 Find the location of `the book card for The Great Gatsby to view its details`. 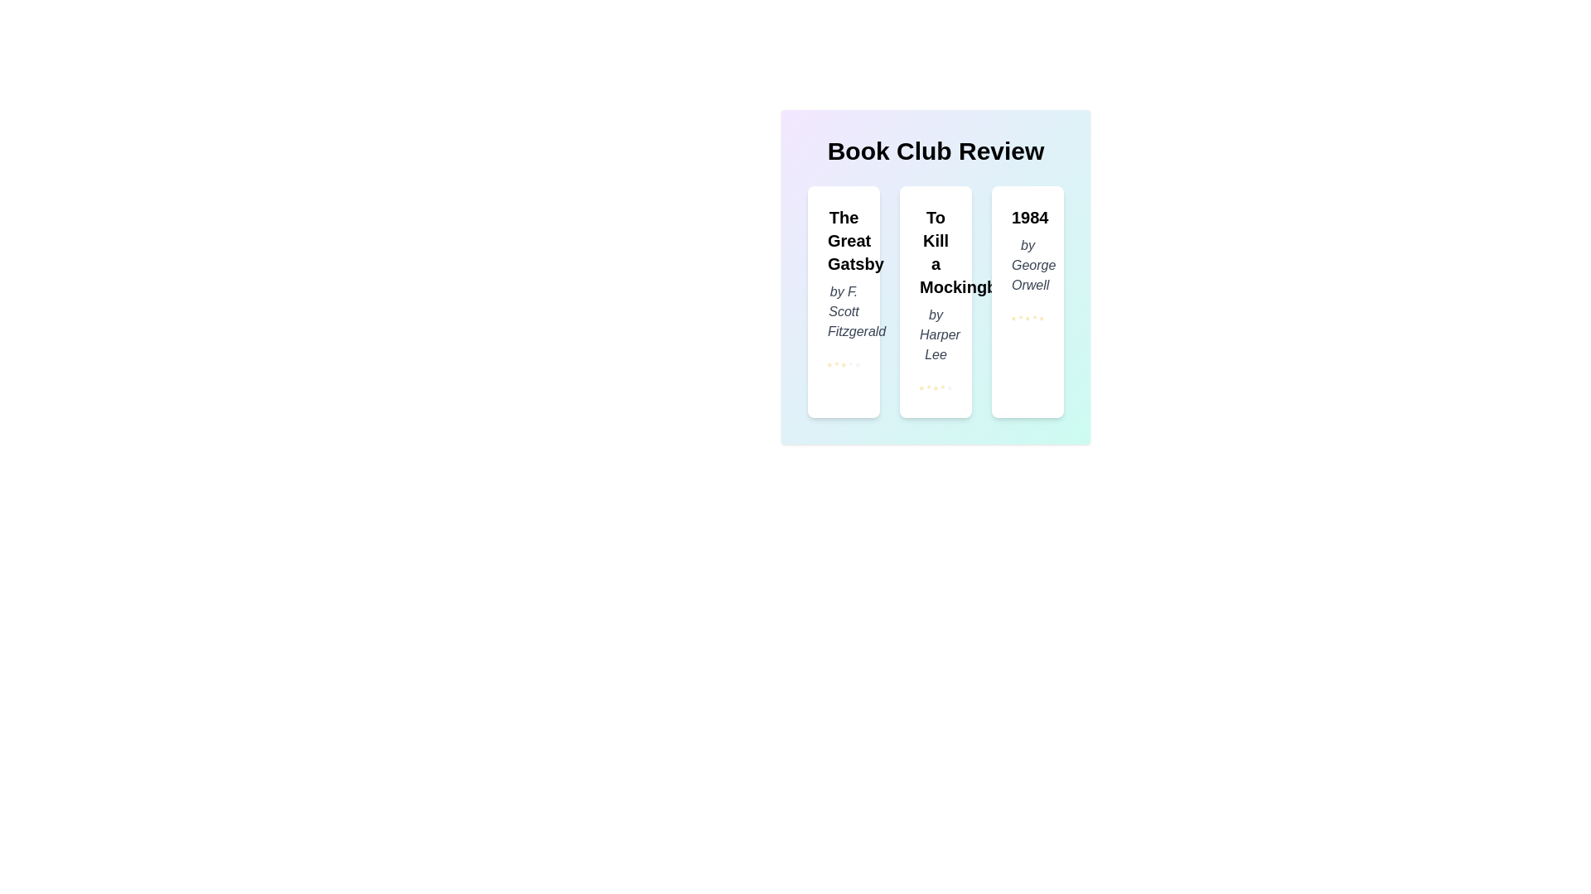

the book card for The Great Gatsby to view its details is located at coordinates (844, 302).